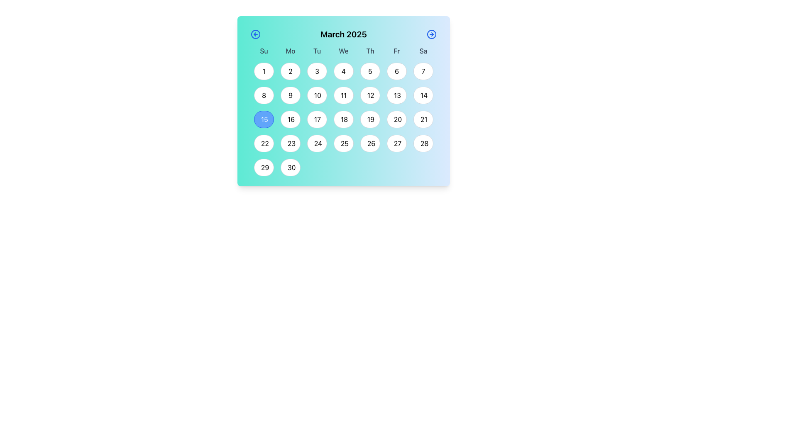  Describe the element at coordinates (255, 34) in the screenshot. I see `the blue-stroked SVG circle located at the top-left corner of the calendar interface, adjacent to the month and year display ('March 2025')` at that location.